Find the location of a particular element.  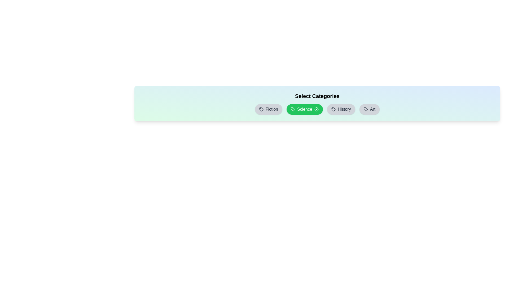

the Art button is located at coordinates (369, 109).